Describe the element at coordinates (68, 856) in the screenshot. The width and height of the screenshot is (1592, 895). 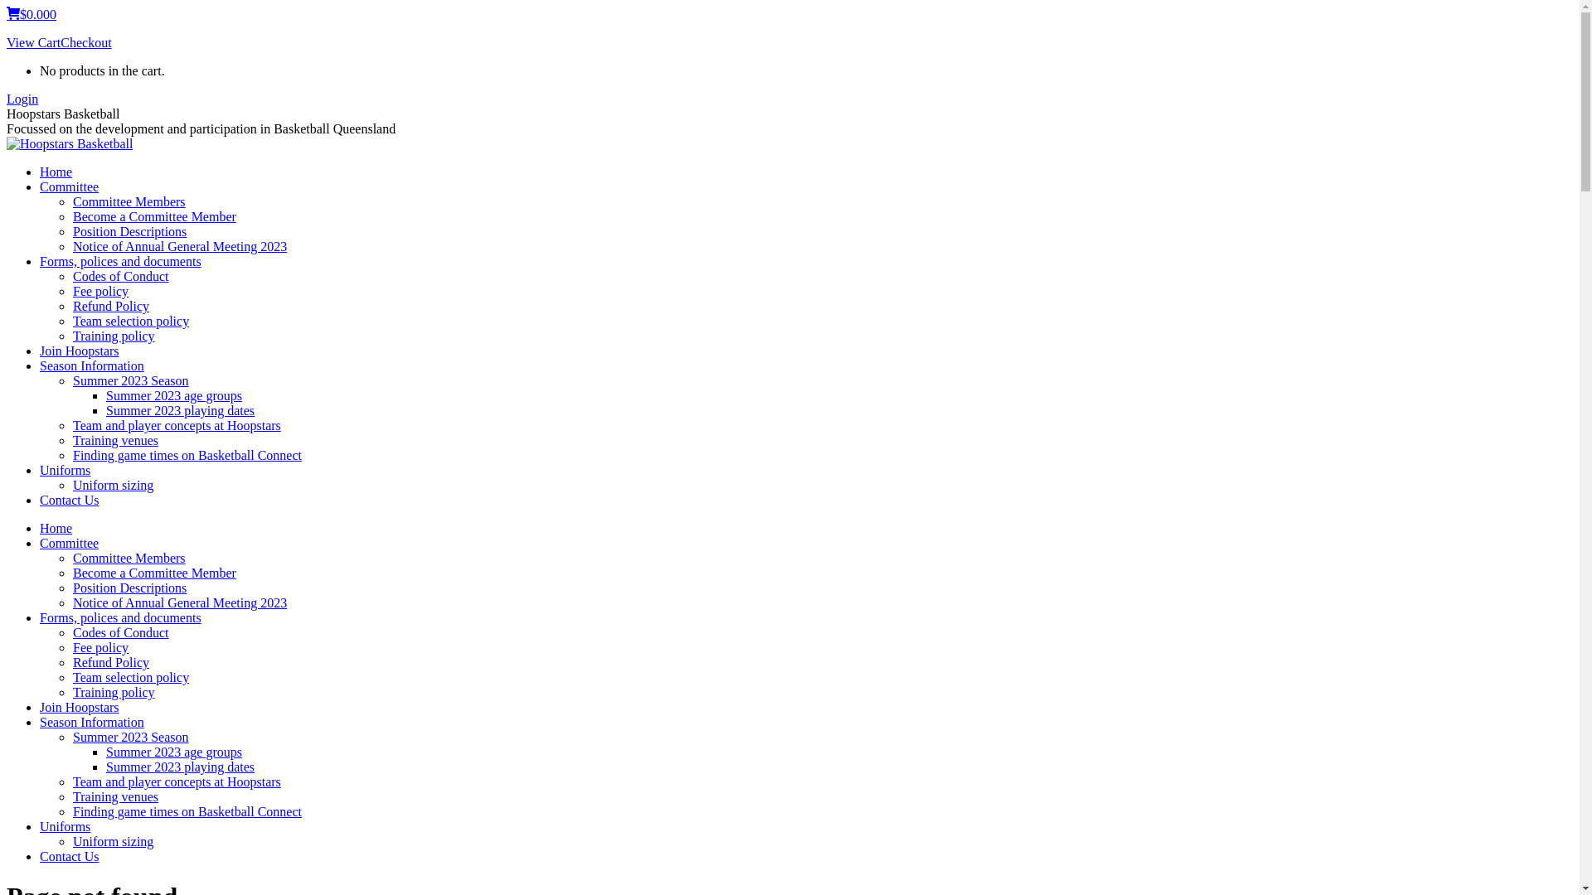
I see `'Contact Us'` at that location.